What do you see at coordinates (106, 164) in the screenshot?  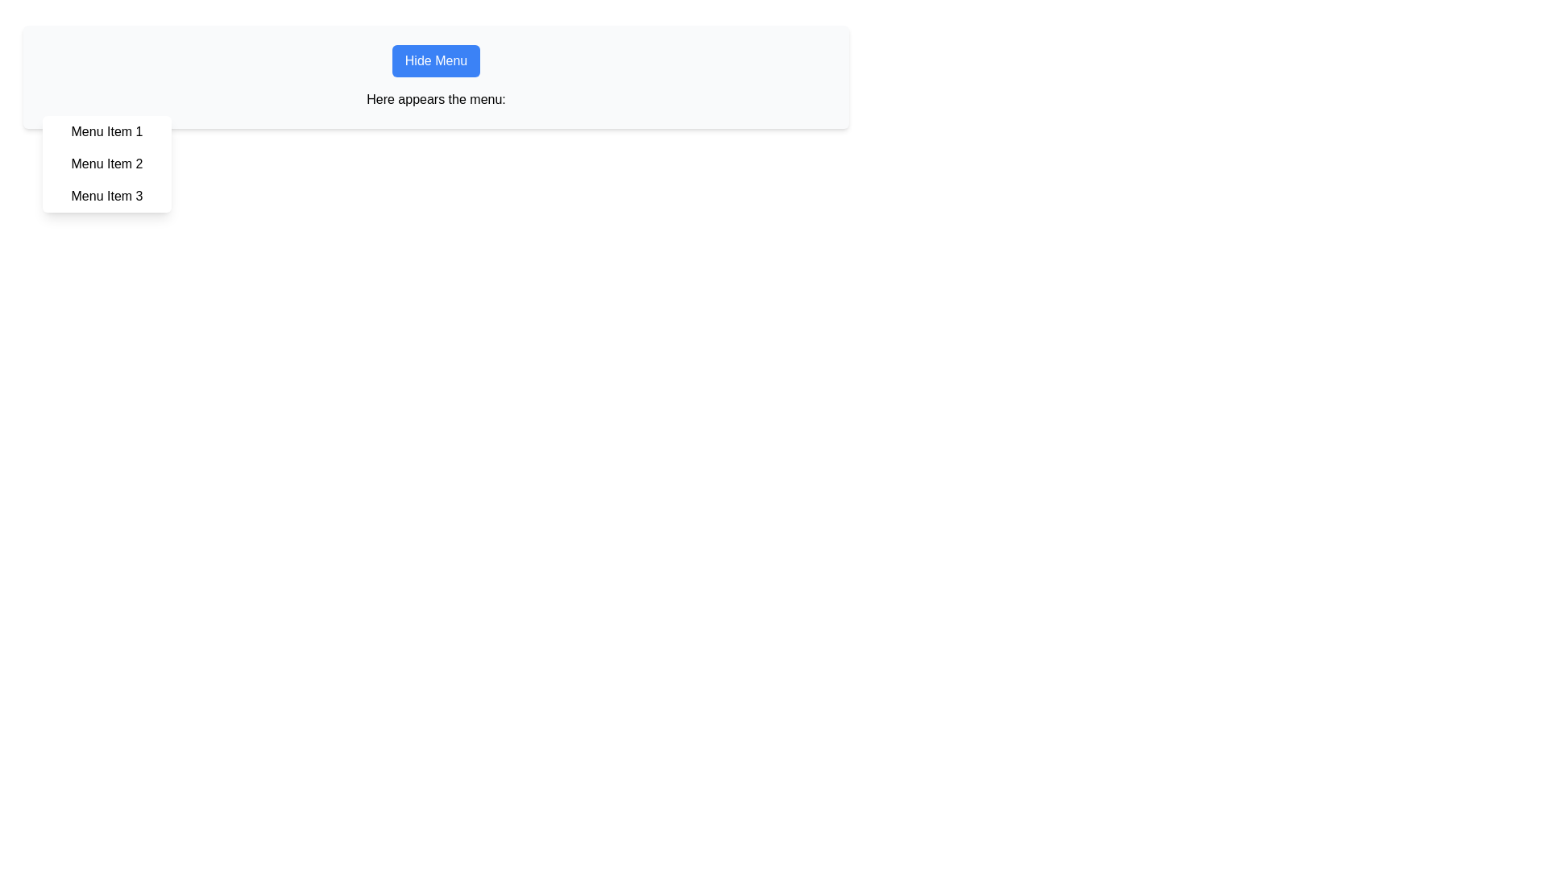 I see `the second item in the vertical menu list, located below 'Menu Item 1' and above 'Menu Item 3'` at bounding box center [106, 164].